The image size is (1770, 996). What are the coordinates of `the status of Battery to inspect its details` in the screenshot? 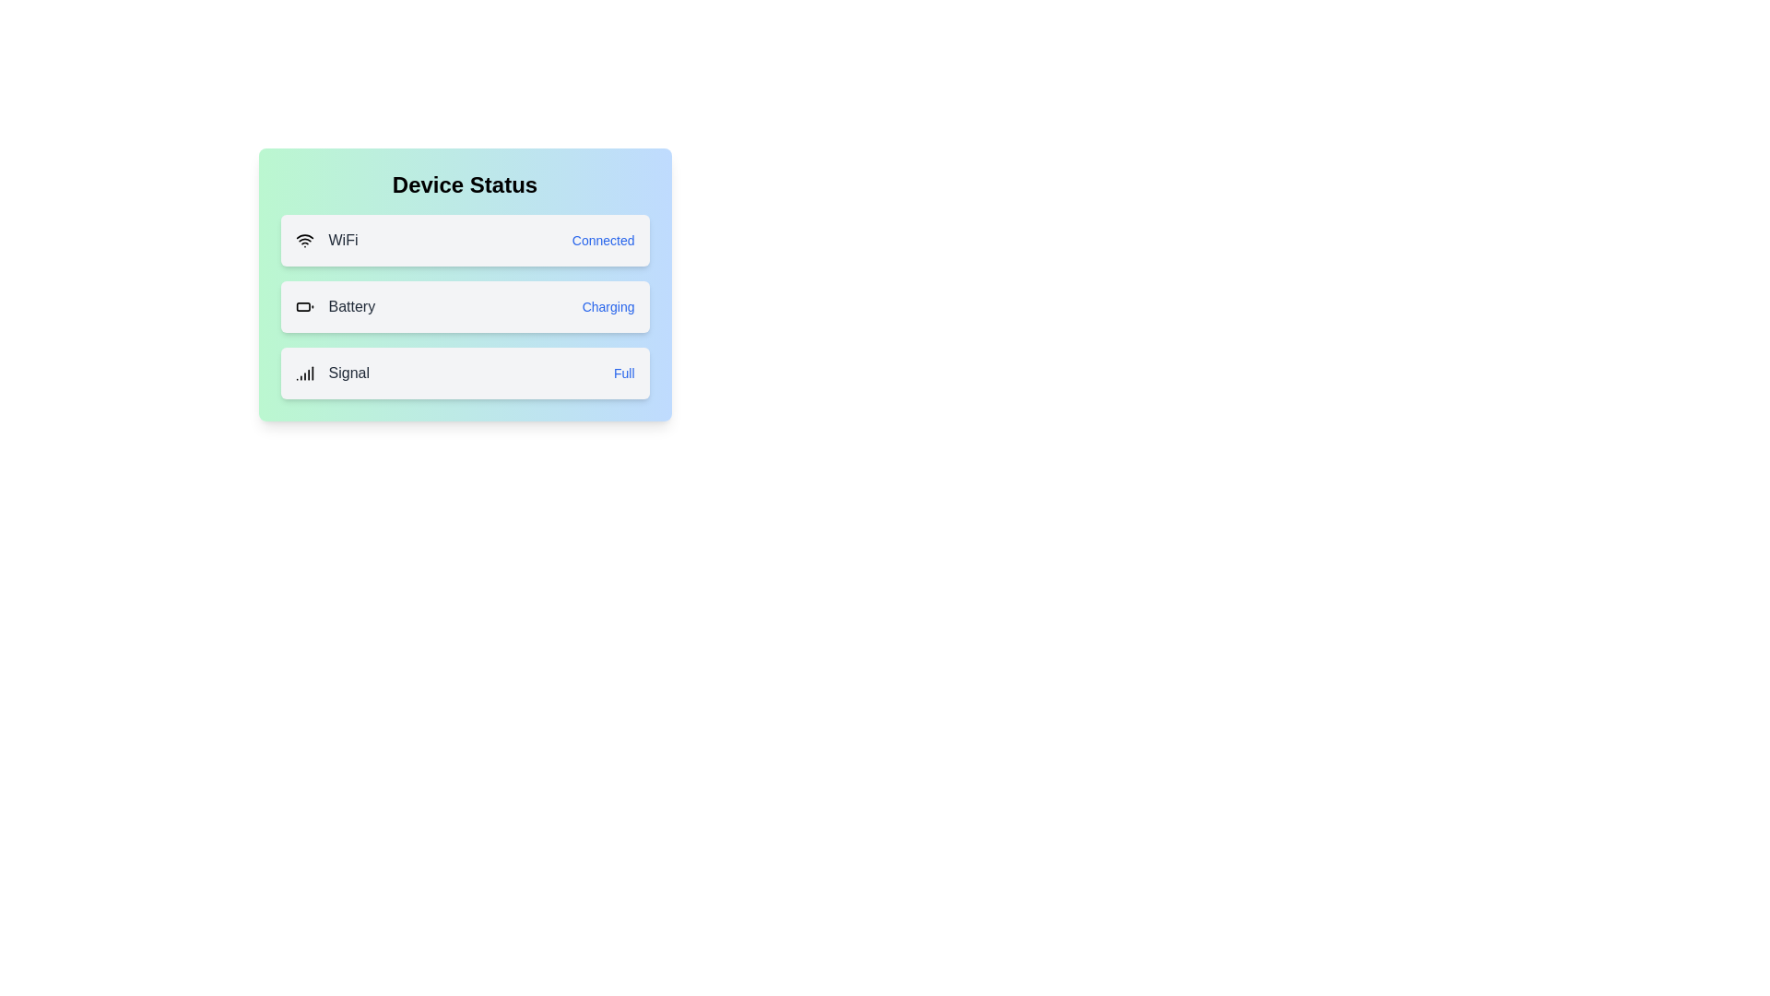 It's located at (465, 305).